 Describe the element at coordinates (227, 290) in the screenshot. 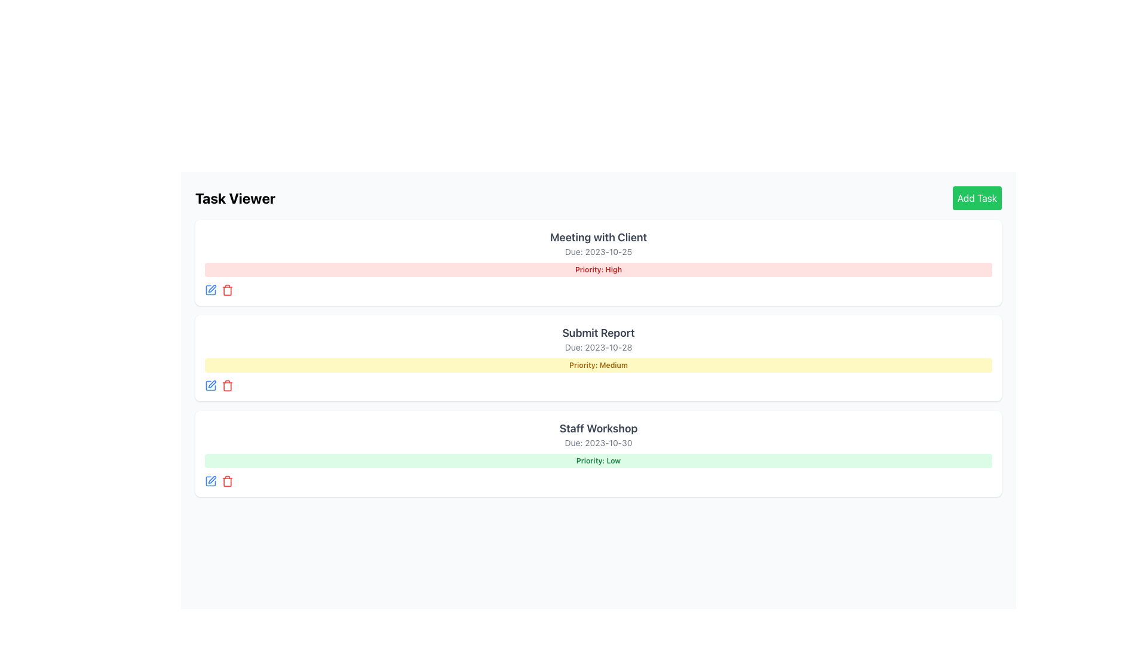

I see `the red trash bin icon button` at that location.